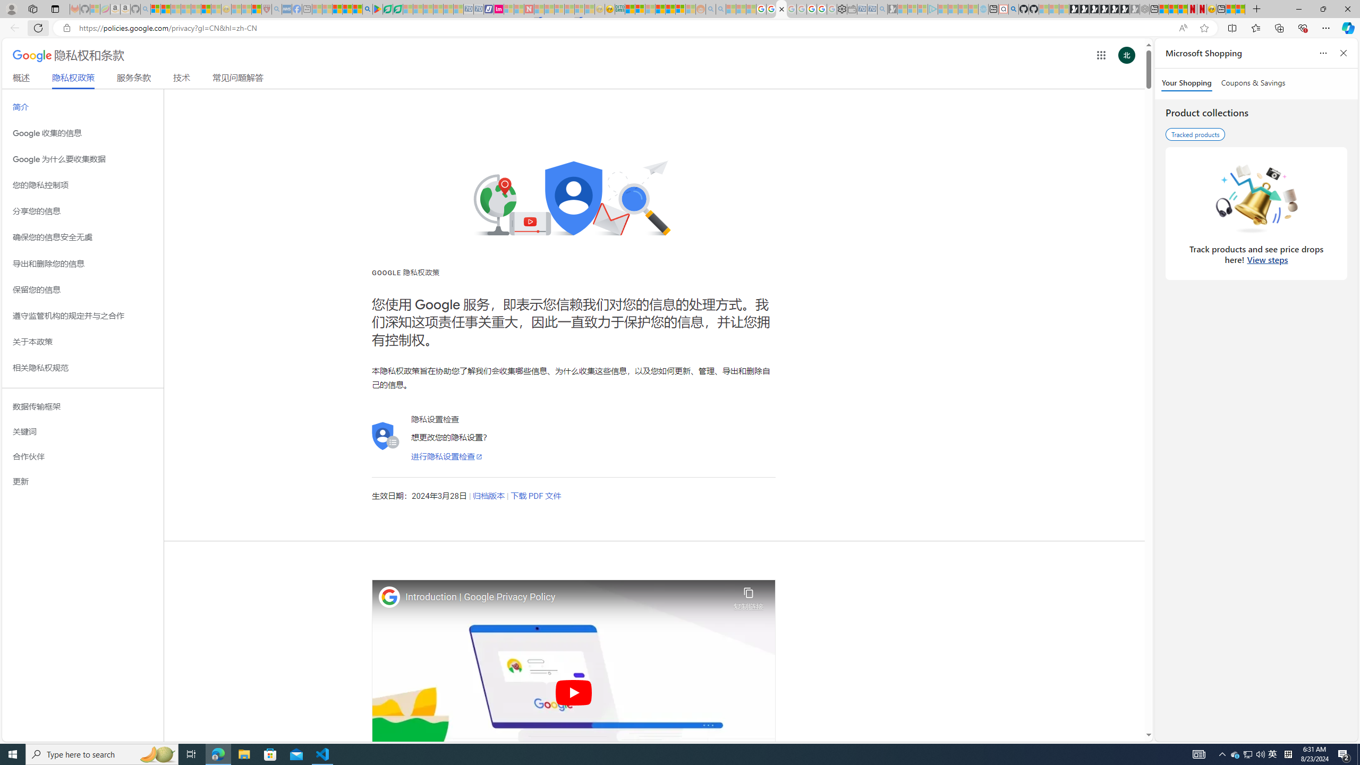  Describe the element at coordinates (398, 8) in the screenshot. I see `'Microsoft Word - consumer-privacy address update 2.2021'` at that location.